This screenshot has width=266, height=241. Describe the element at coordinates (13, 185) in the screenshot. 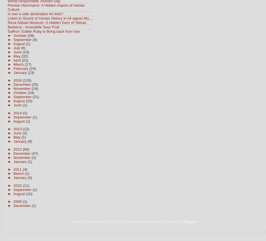

I see `'2010'` at that location.